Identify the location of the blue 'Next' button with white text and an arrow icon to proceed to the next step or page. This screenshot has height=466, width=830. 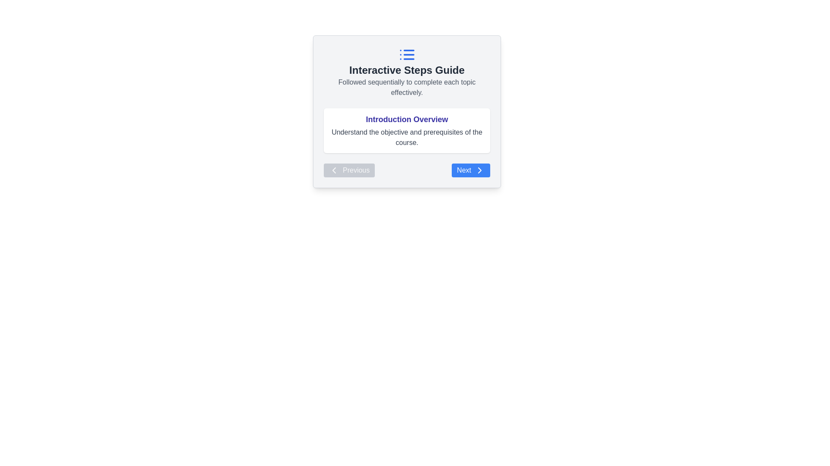
(470, 170).